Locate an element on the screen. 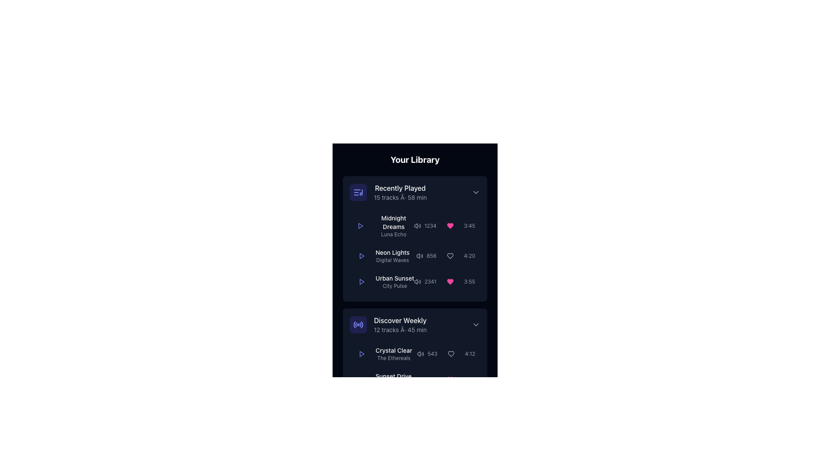 The height and width of the screenshot is (464, 825). the volume control icon, which is a small gray SVG graphic featuring a speaker and sound waves, located beneath the 'Recently Played' section is located at coordinates (417, 379).